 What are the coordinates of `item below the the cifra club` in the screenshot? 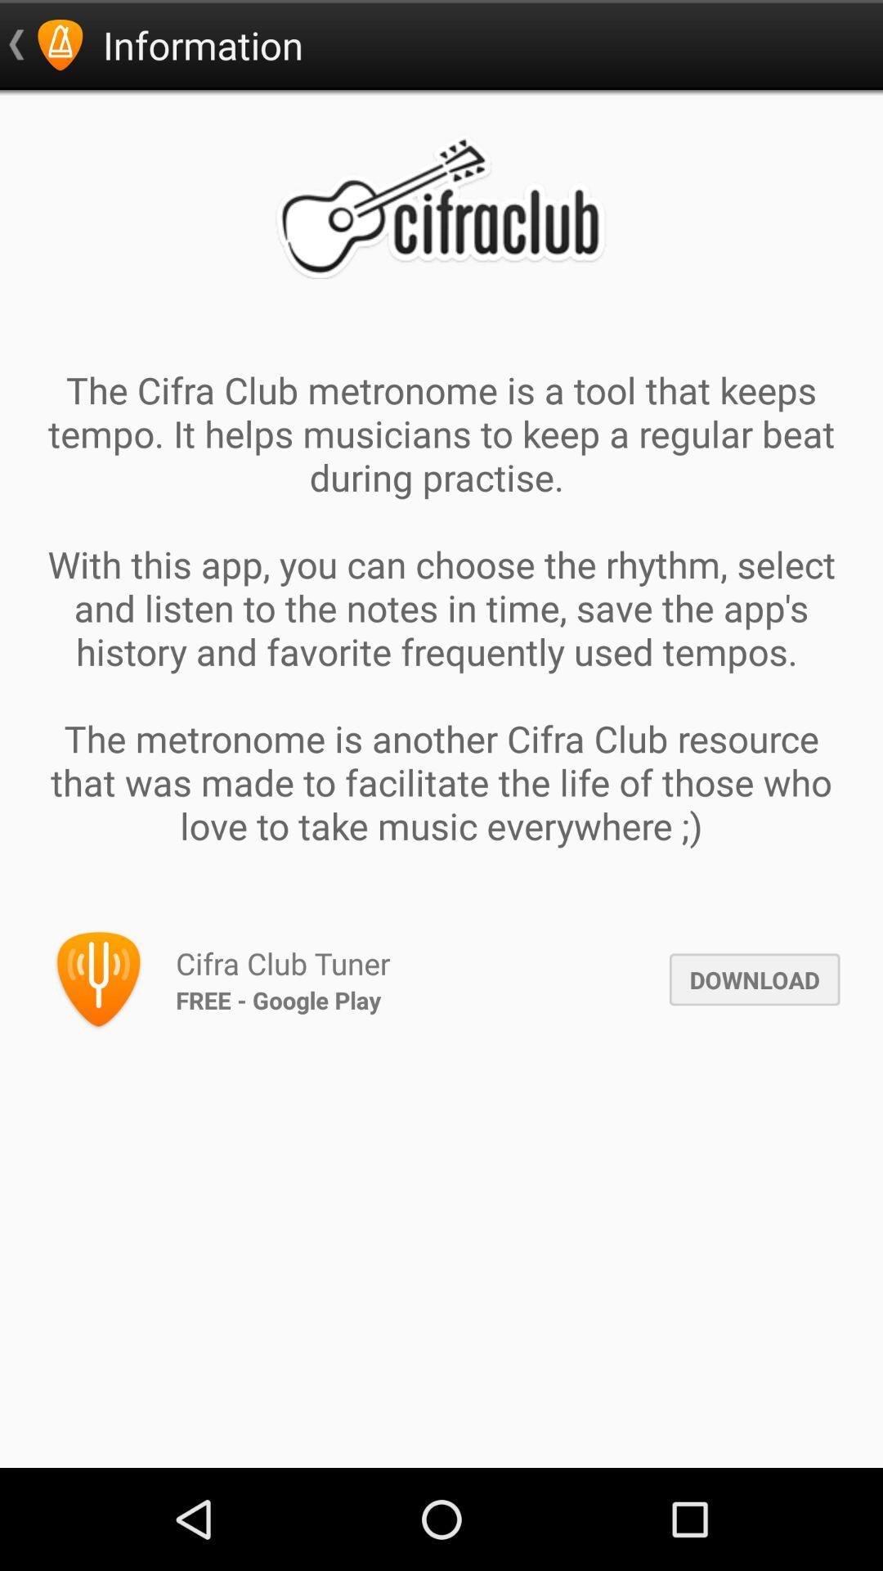 It's located at (755, 979).